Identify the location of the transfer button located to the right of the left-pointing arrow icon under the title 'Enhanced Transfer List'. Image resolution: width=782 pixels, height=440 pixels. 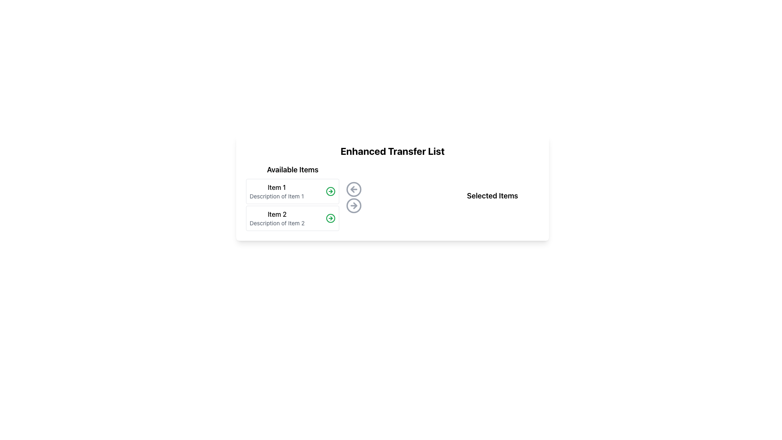
(354, 205).